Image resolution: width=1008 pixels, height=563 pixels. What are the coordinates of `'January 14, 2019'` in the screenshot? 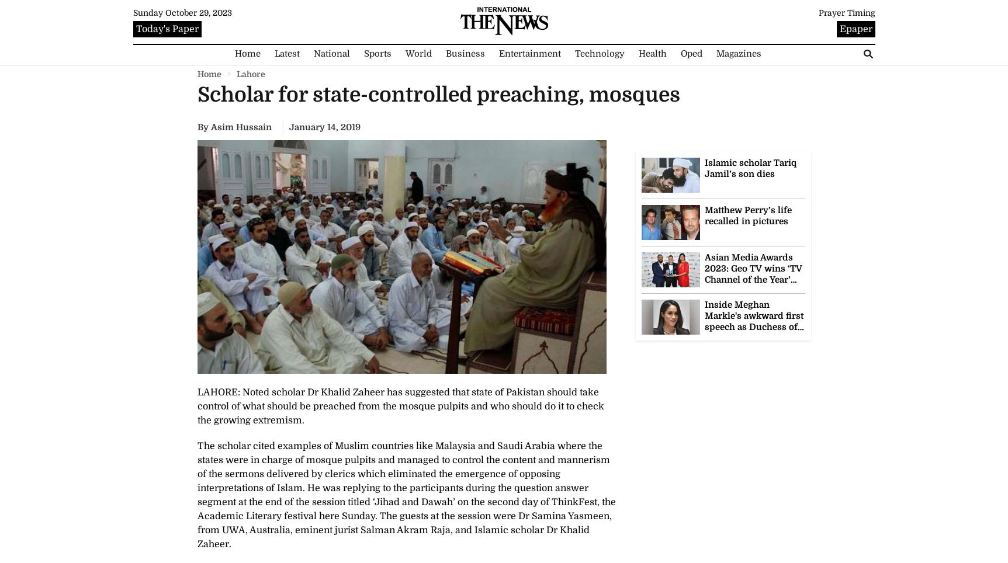 It's located at (324, 127).